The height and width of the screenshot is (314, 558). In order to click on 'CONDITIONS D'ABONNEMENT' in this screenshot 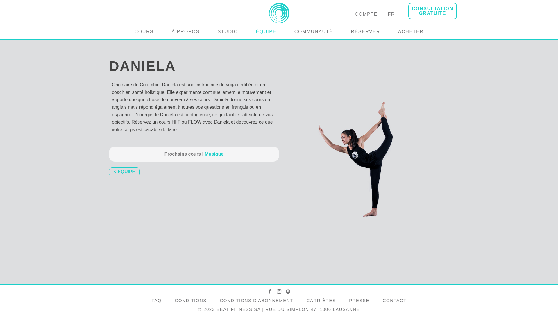, I will do `click(256, 300)`.